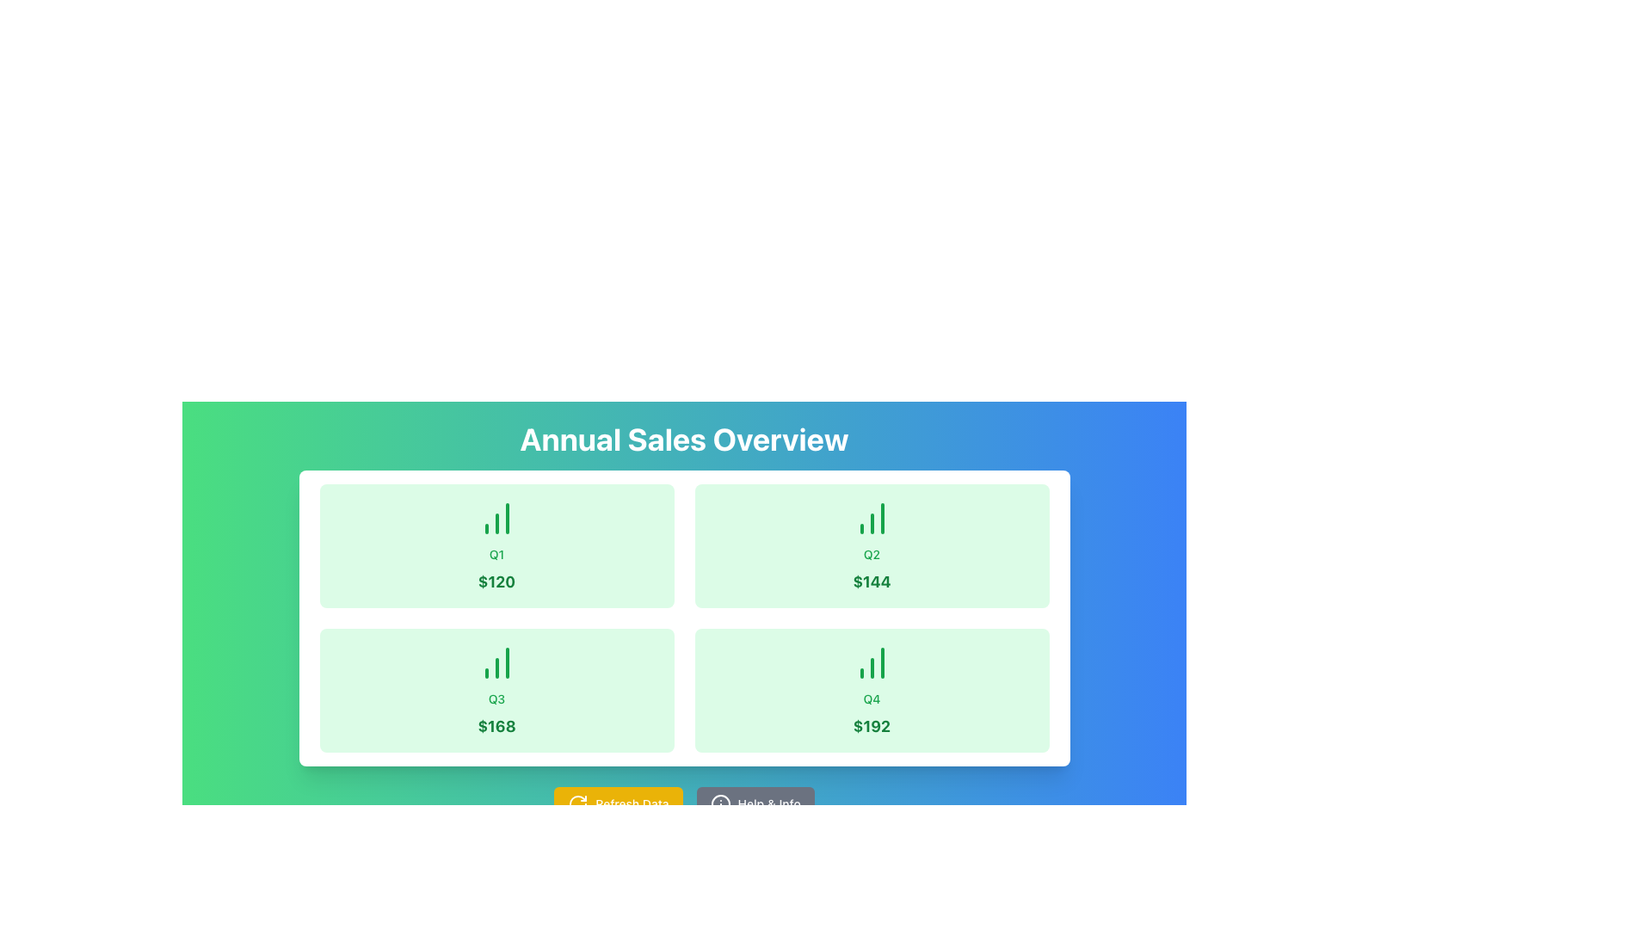  Describe the element at coordinates (872, 689) in the screenshot. I see `the green-tinted Data card featuring a bar chart icon and displaying 'Q4' and '$192' text, located in the bottom right corner of the 2x2 grid layout` at that location.